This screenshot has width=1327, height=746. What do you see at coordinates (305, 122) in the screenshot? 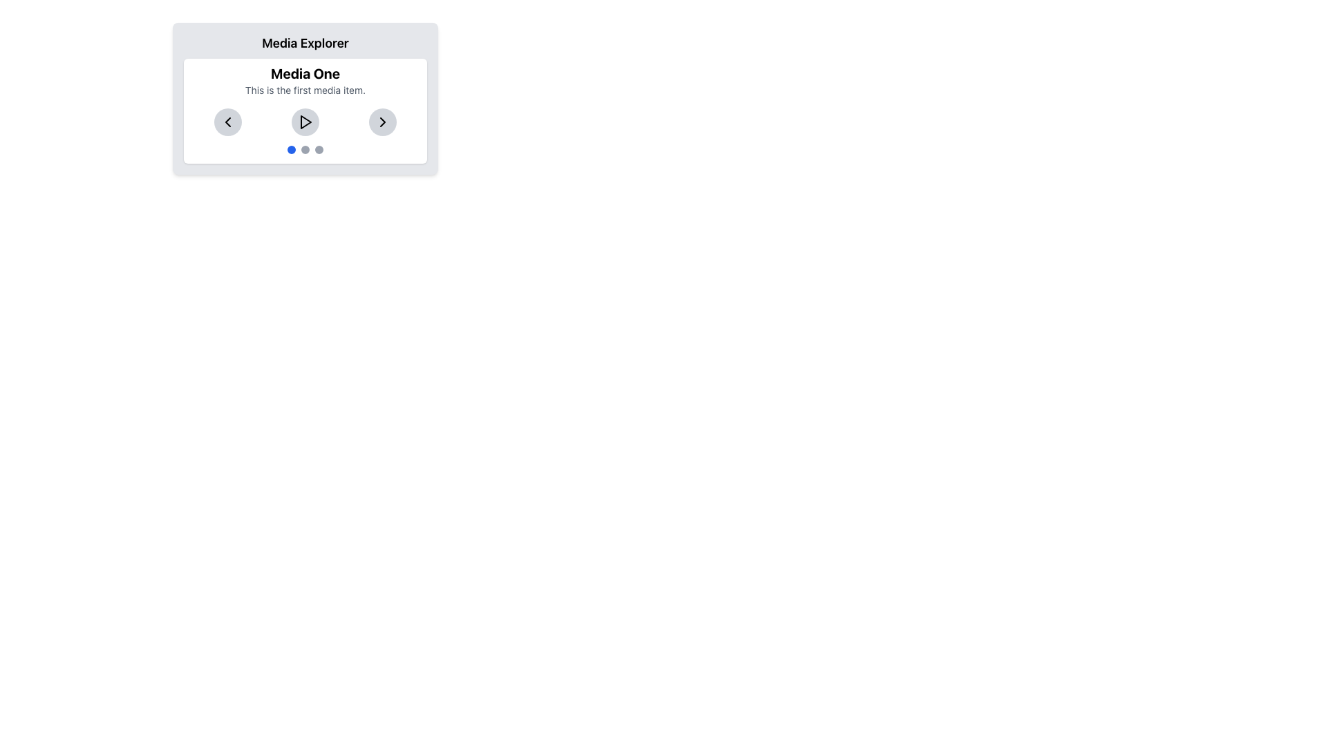
I see `the 'play' icon in the central portion of the 'Media Explorer' interface` at bounding box center [305, 122].